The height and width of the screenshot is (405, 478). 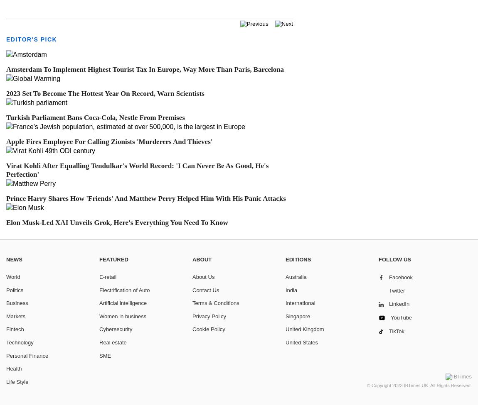 I want to click on 'Markets', so click(x=15, y=316).